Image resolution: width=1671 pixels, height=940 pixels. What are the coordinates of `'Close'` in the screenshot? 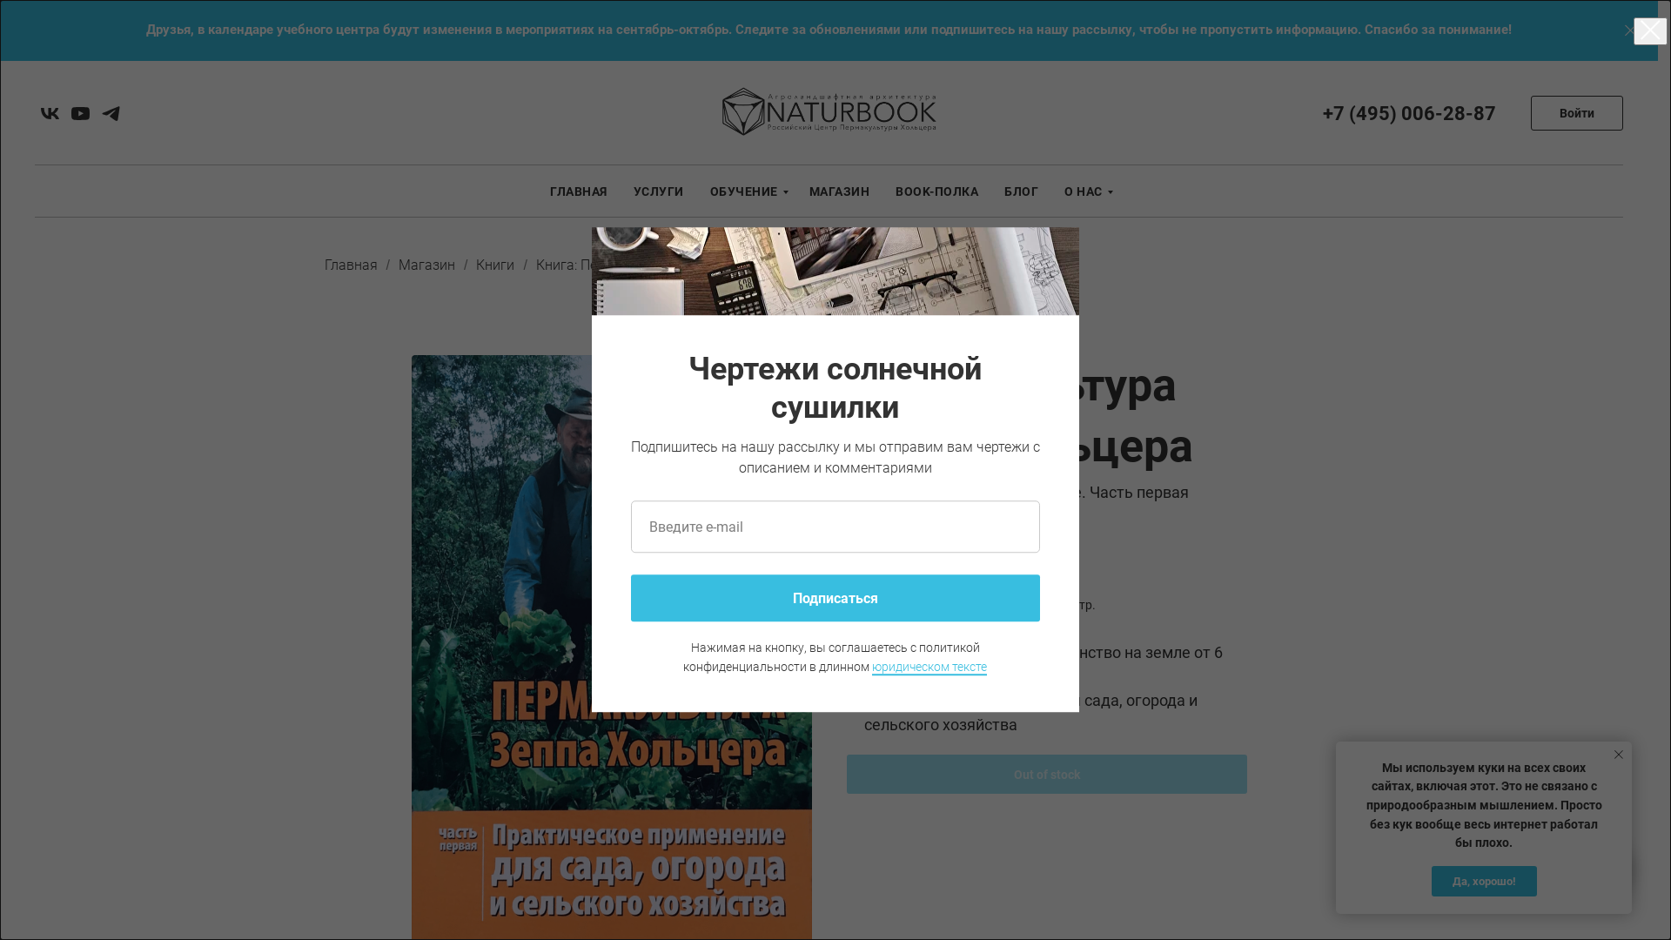 It's located at (1629, 30).